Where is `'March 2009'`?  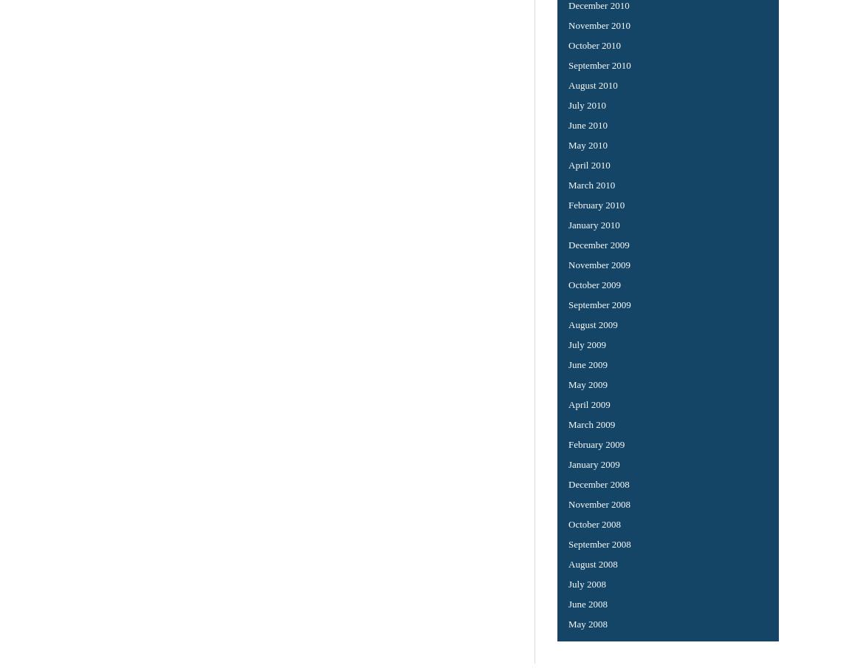 'March 2009' is located at coordinates (591, 423).